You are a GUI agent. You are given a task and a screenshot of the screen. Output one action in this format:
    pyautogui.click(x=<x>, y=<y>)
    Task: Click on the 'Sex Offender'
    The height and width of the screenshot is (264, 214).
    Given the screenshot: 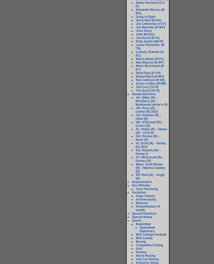 What is the action you would take?
    pyautogui.click(x=141, y=185)
    